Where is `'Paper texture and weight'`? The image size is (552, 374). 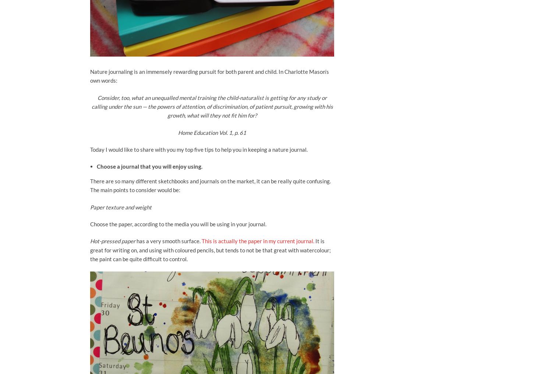 'Paper texture and weight' is located at coordinates (89, 206).